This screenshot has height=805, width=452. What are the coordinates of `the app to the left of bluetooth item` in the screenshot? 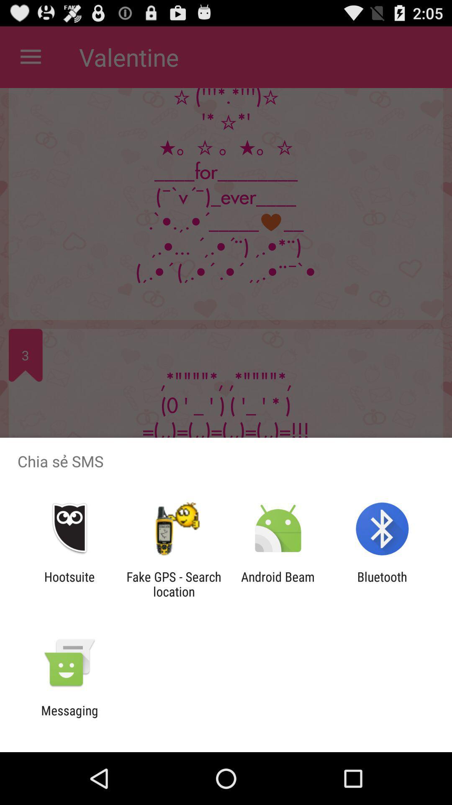 It's located at (278, 584).